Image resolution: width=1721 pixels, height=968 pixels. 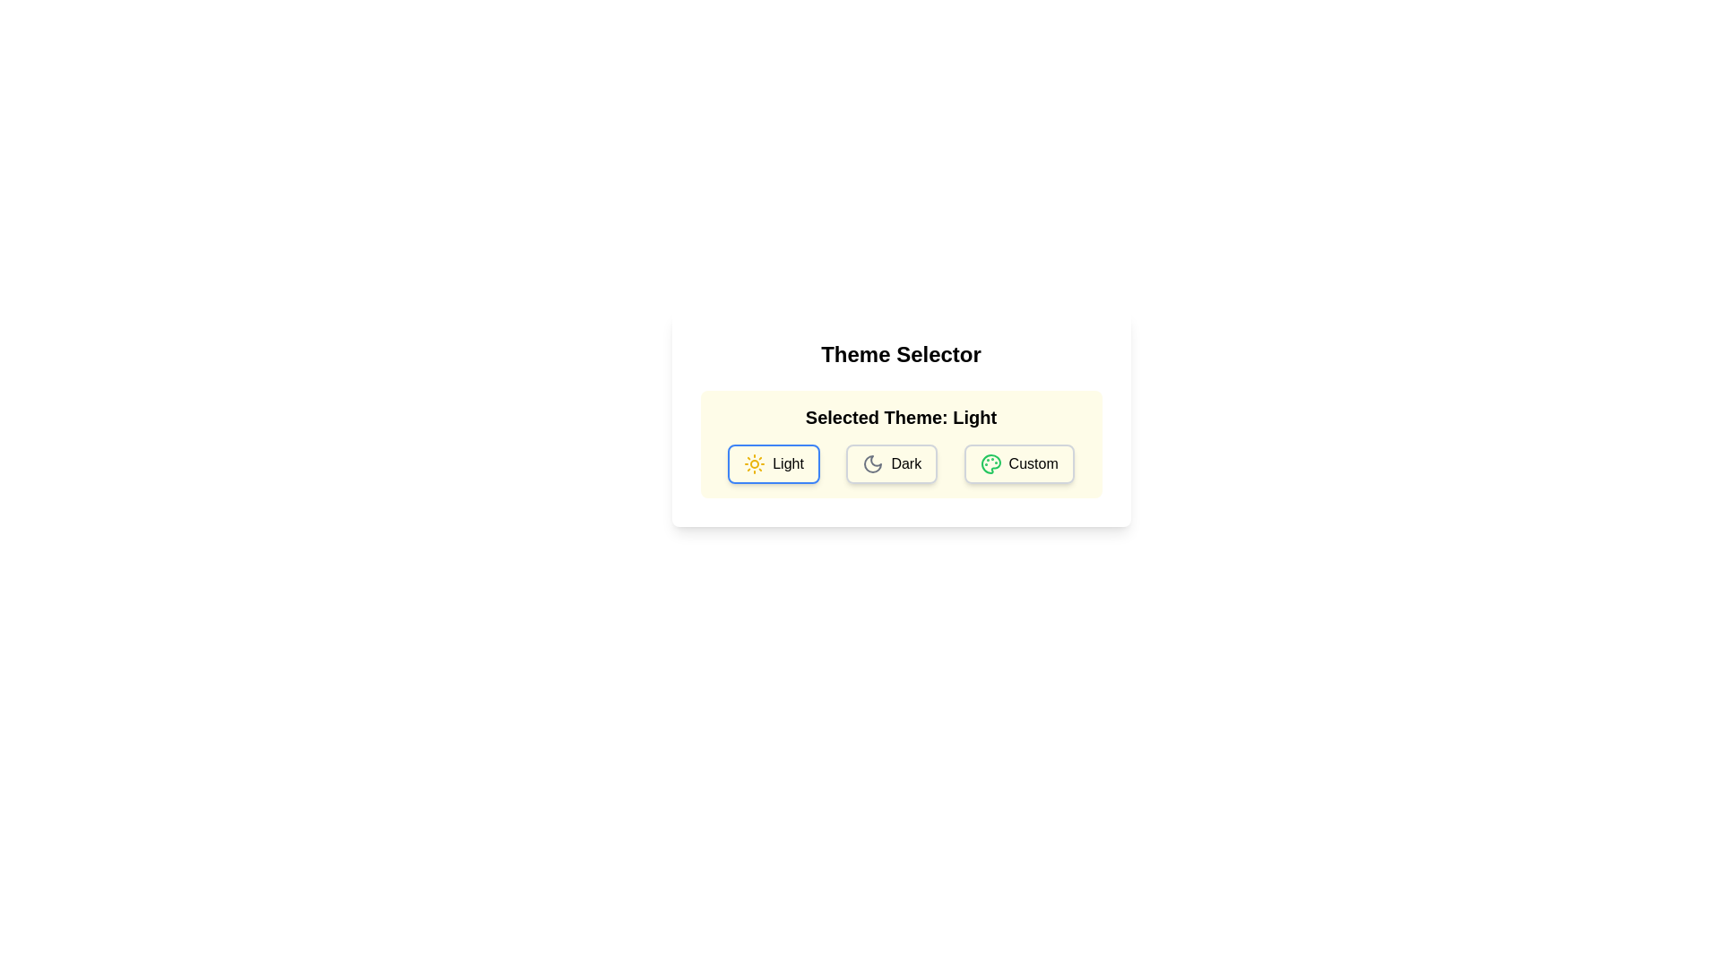 What do you see at coordinates (892, 462) in the screenshot?
I see `the 'Dark' theme toggle button, which is the second button in a group of three buttons labeled 'Light', 'Dark', and 'Custom', to trigger the hover effect` at bounding box center [892, 462].